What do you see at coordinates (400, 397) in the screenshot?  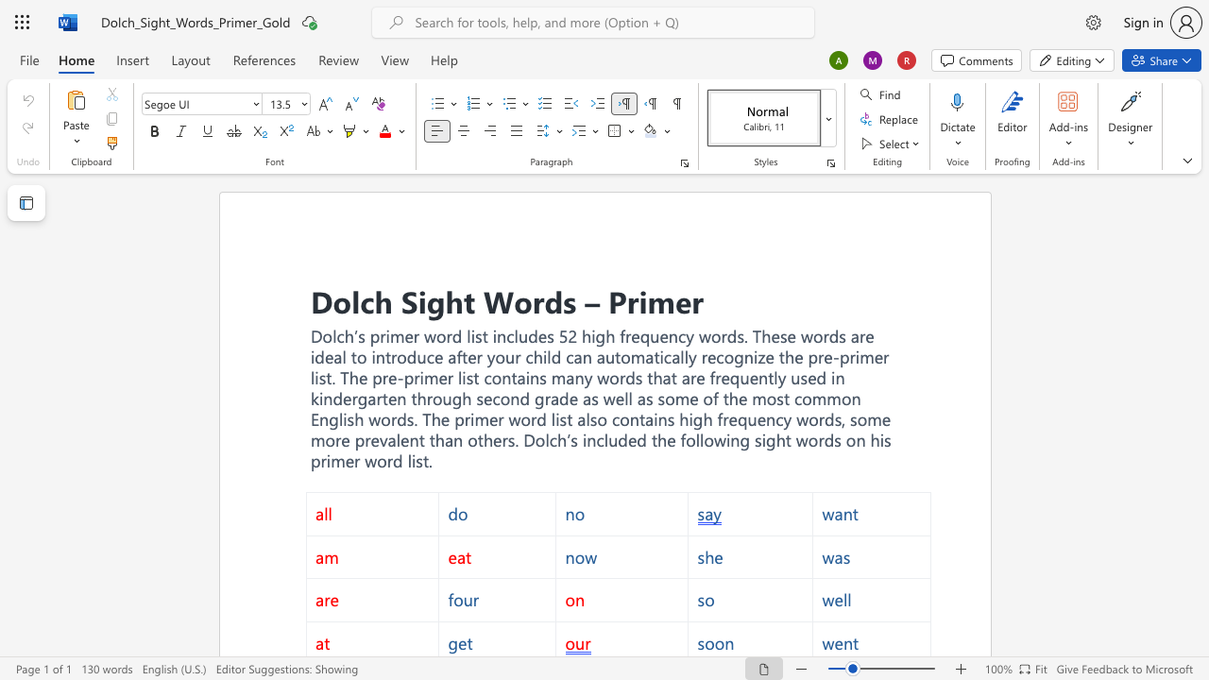 I see `the 3th character "n" in the text` at bounding box center [400, 397].